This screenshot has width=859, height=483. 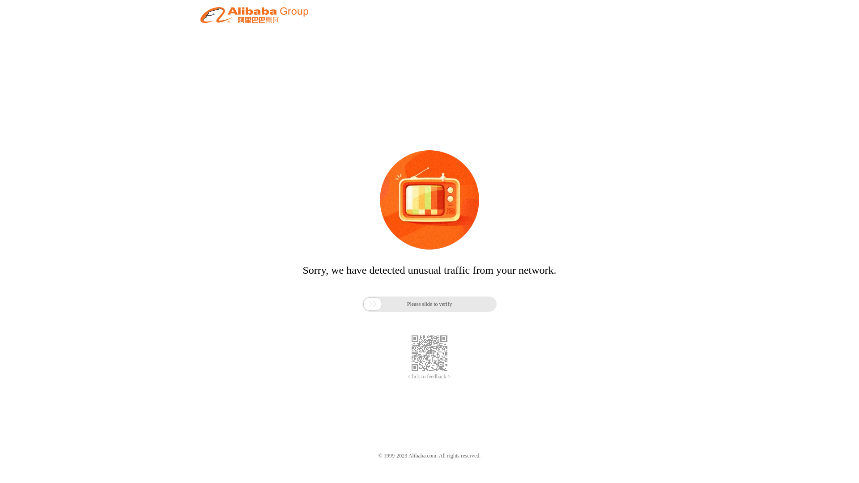 What do you see at coordinates (429, 377) in the screenshot?
I see `'Click to feedback >'` at bounding box center [429, 377].